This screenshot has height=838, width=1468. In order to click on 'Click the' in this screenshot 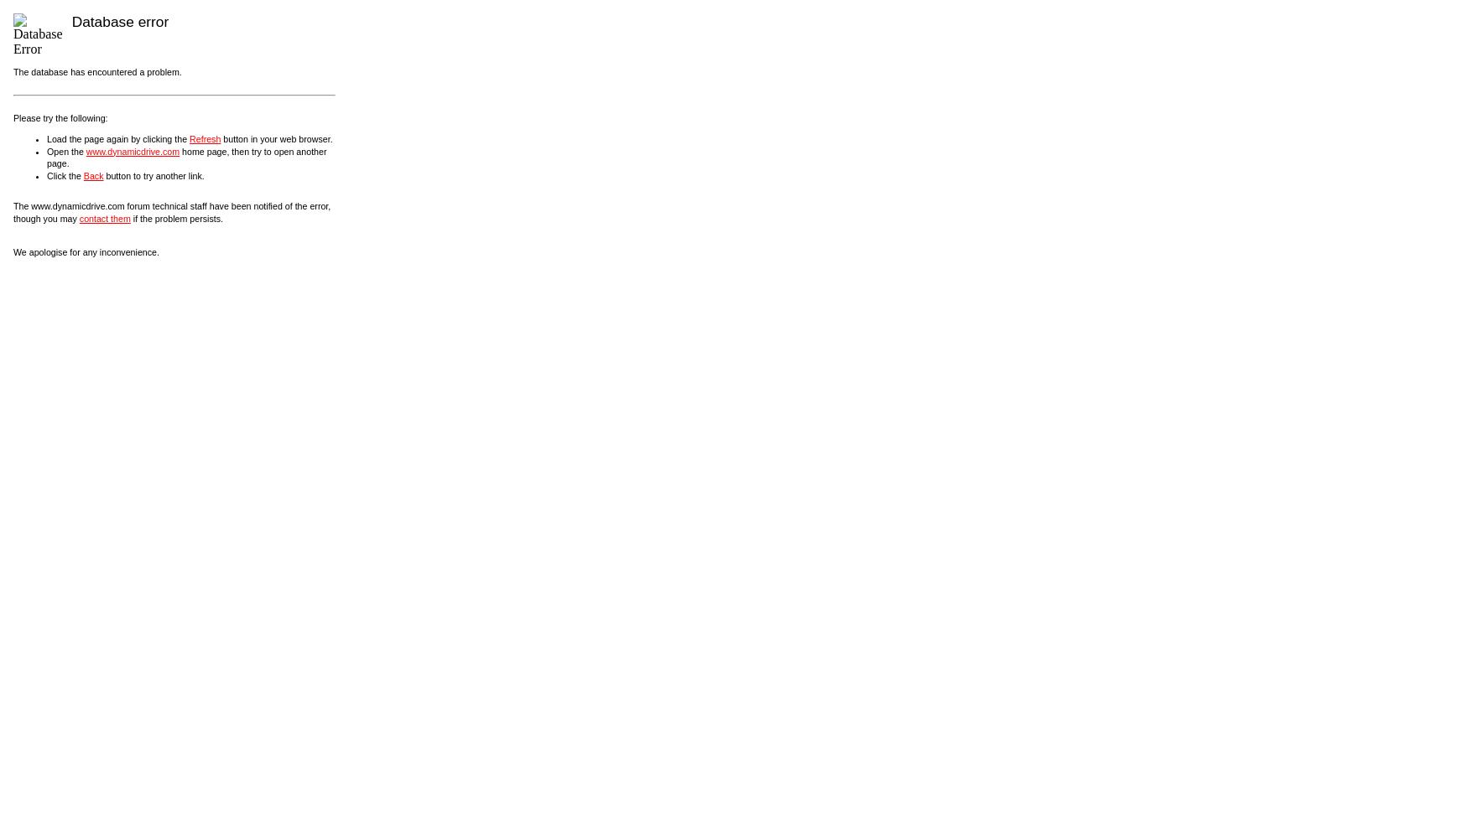, I will do `click(46, 174)`.